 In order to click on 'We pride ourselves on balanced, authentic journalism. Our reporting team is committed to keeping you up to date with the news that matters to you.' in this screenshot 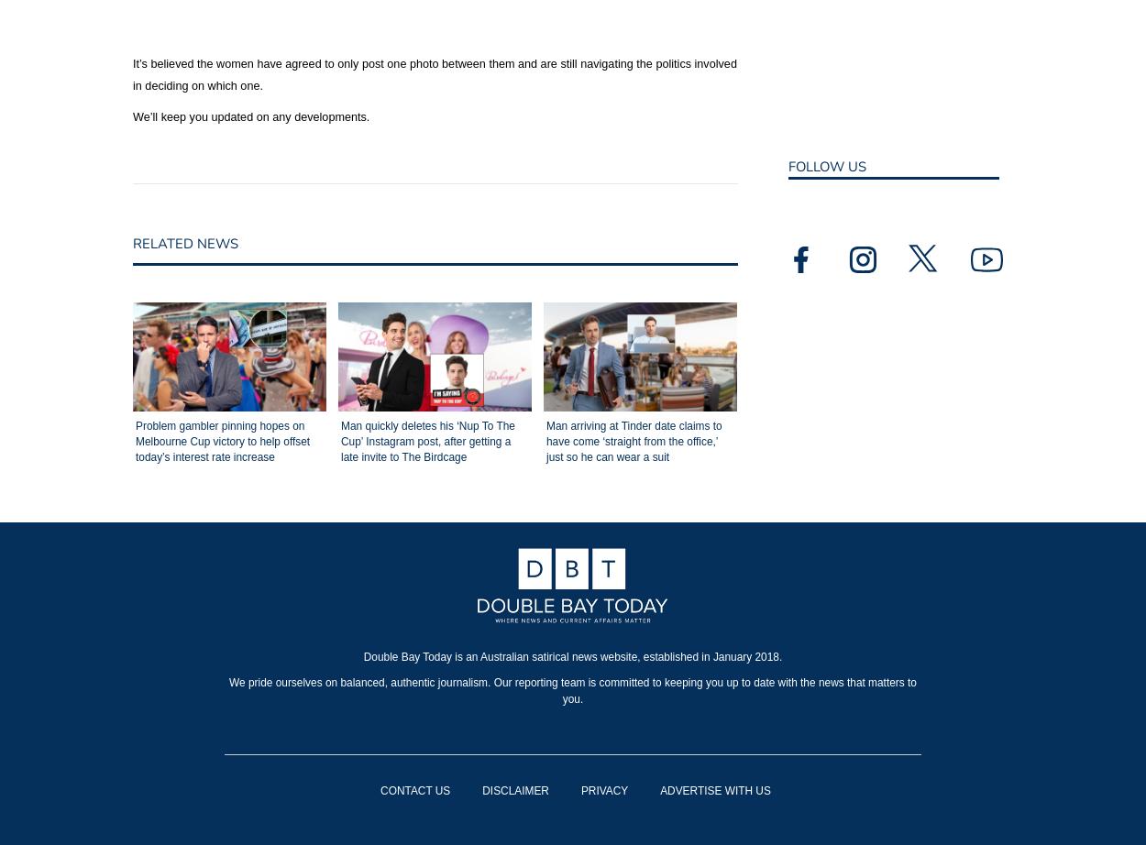, I will do `click(571, 688)`.